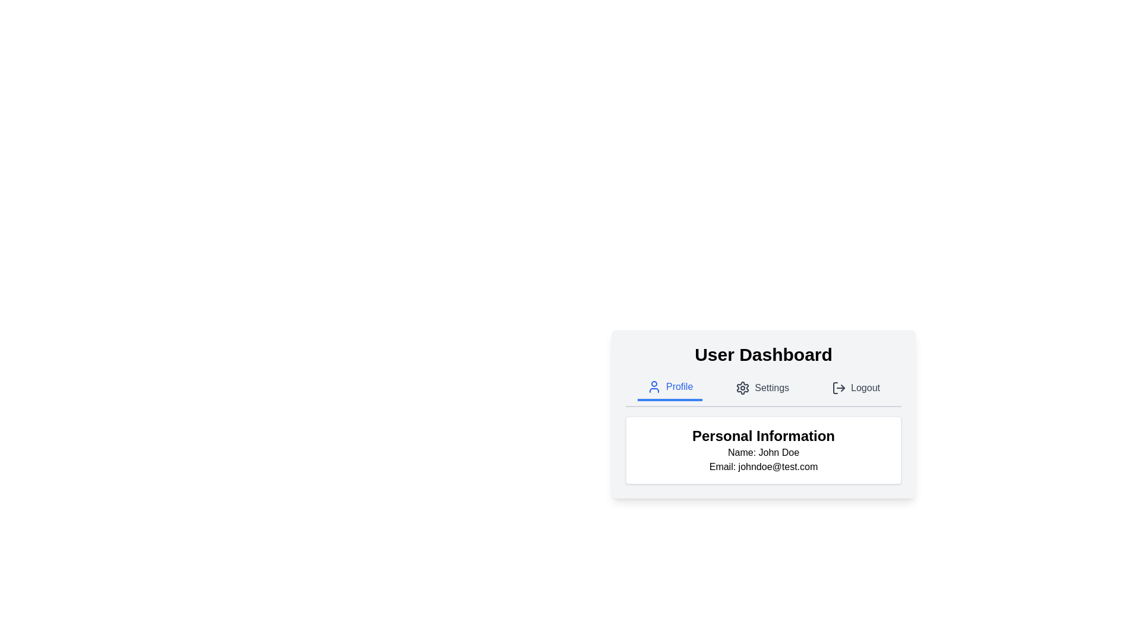 The image size is (1141, 641). I want to click on the profile icon located in the top-left corner of the 'Profile' navigation tab, which indicates the current active tab, so click(653, 386).